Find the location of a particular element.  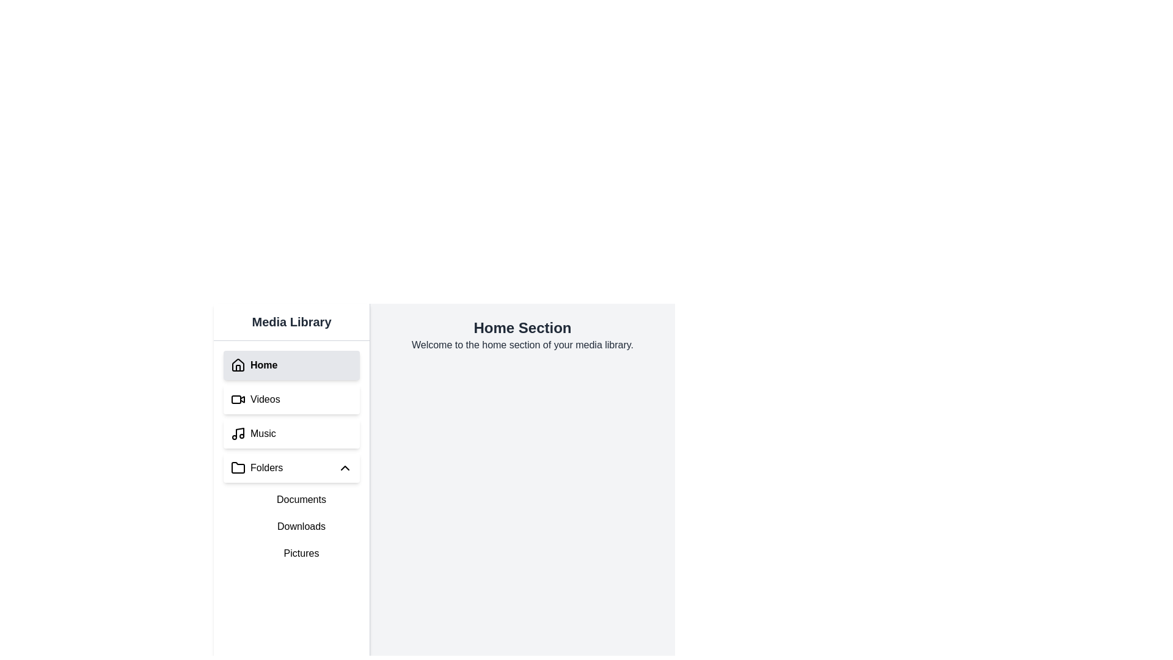

the rectangle within the camera icon, which is part of the visual representation for video content, located to the left of the 'Videos' label in the sidebar's second option is located at coordinates (236, 400).